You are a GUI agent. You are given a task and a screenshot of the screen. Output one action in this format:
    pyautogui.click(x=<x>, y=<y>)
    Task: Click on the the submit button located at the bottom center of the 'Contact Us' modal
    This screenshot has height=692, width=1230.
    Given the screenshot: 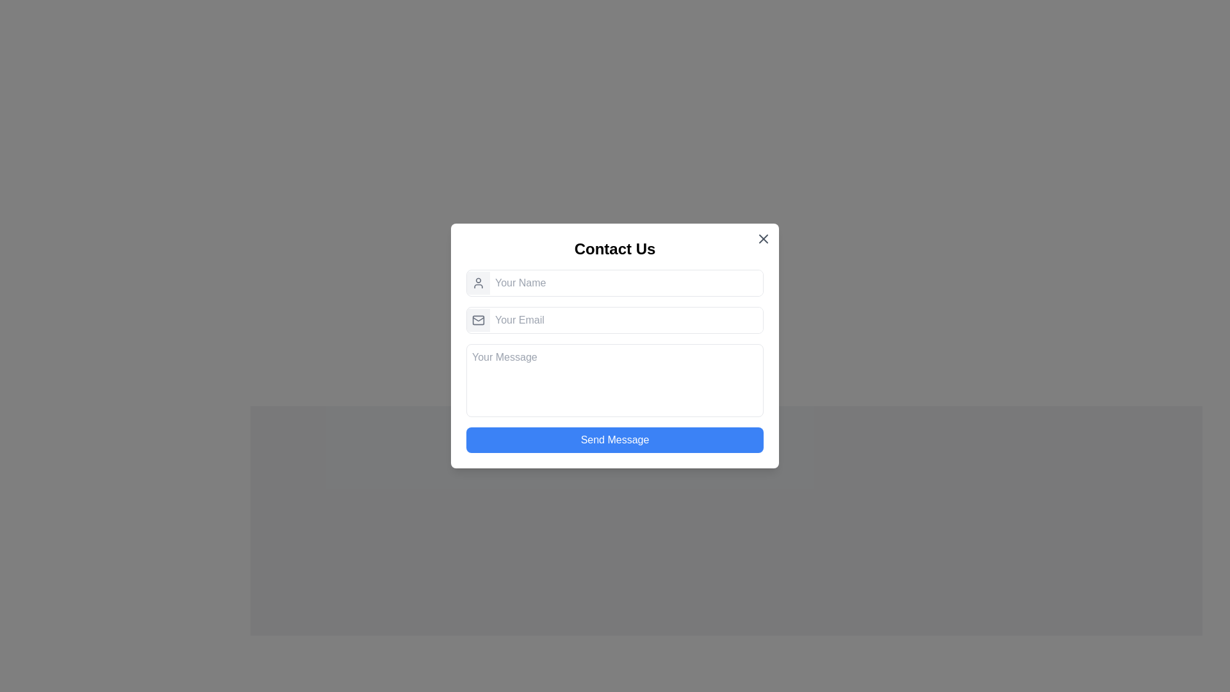 What is the action you would take?
    pyautogui.click(x=615, y=439)
    